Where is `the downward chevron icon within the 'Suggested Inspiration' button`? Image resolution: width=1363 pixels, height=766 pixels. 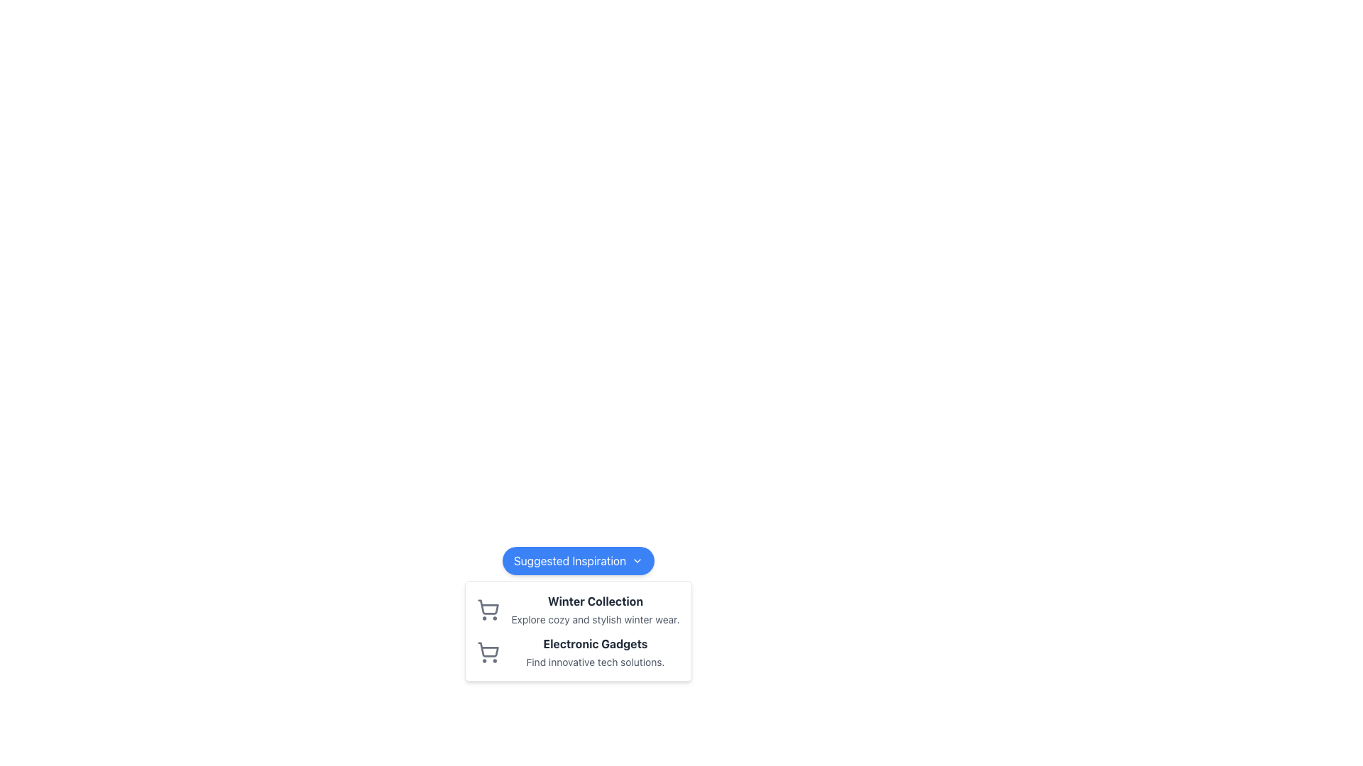
the downward chevron icon within the 'Suggested Inspiration' button is located at coordinates (637, 560).